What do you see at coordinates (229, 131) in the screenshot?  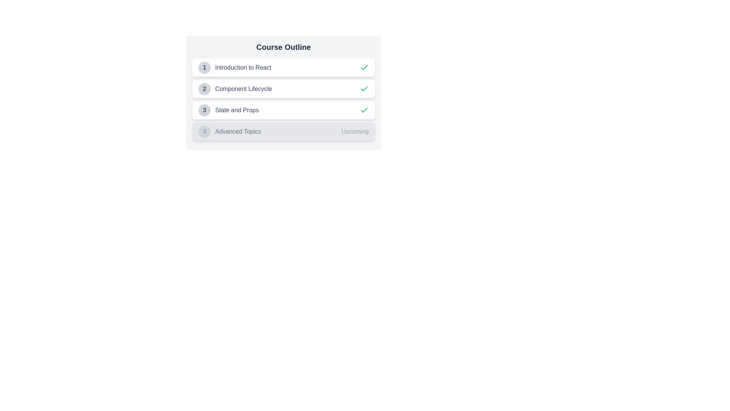 I see `the Static label indicator which shows the numeric badge and textual description indicating the position and title of a course topic` at bounding box center [229, 131].